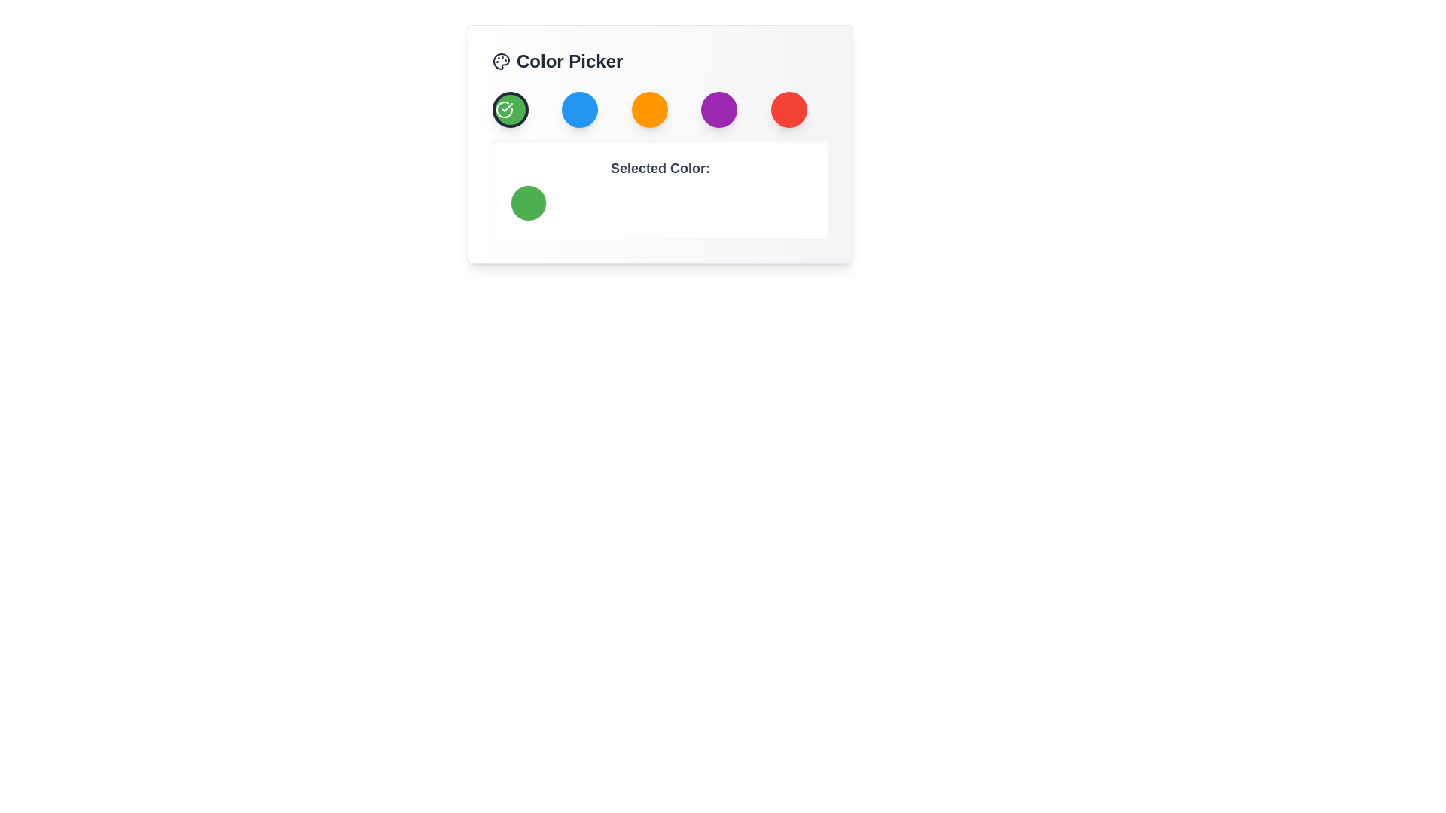 This screenshot has height=813, width=1446. What do you see at coordinates (510, 109) in the screenshot?
I see `the first circular button for selecting the green color in the 'Color Picker' interface` at bounding box center [510, 109].